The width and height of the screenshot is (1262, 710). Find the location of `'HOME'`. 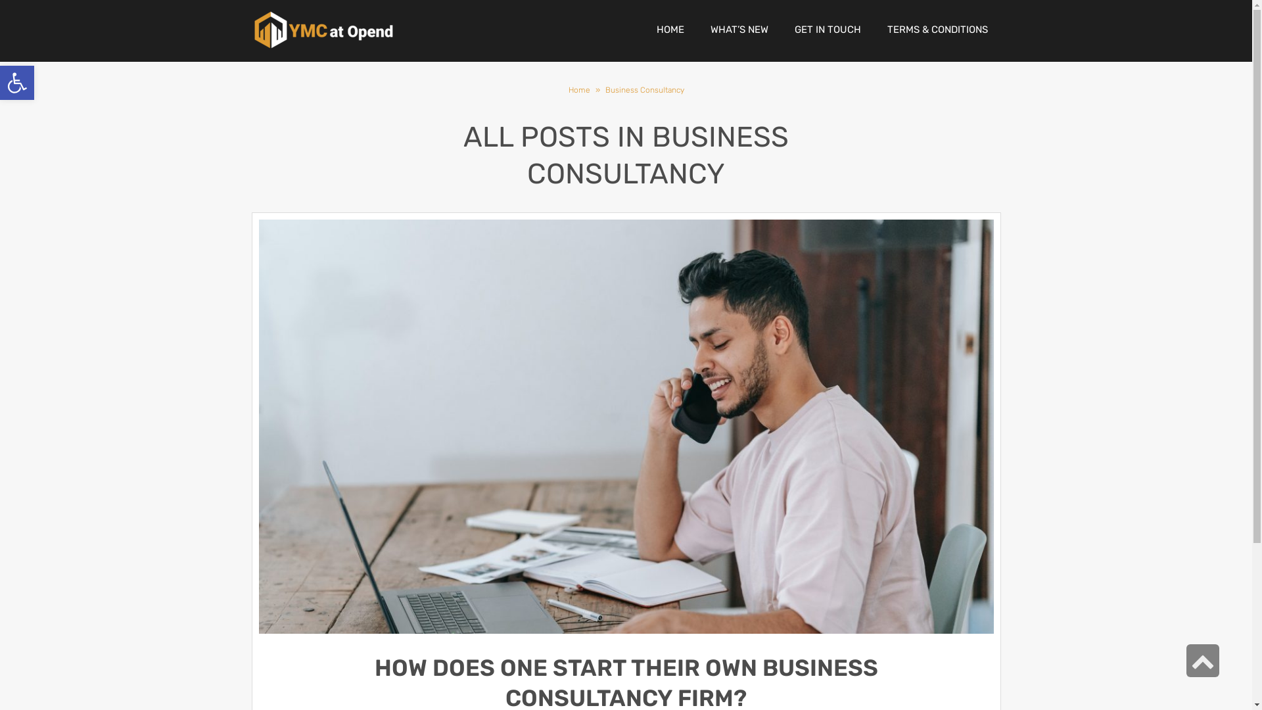

'HOME' is located at coordinates (669, 30).